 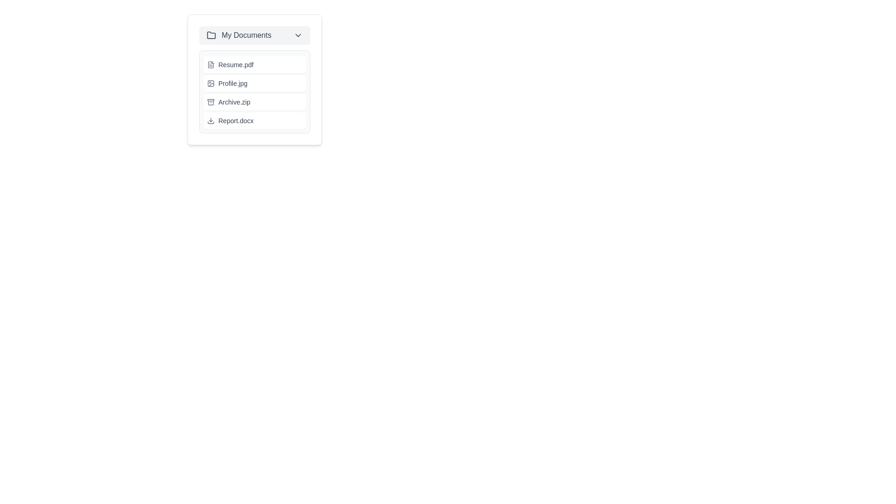 What do you see at coordinates (210, 64) in the screenshot?
I see `file icon representing a document, which has a rectangular shape with rounded sides and a folded top corner, located just to the left of 'Resume.pdf'` at bounding box center [210, 64].